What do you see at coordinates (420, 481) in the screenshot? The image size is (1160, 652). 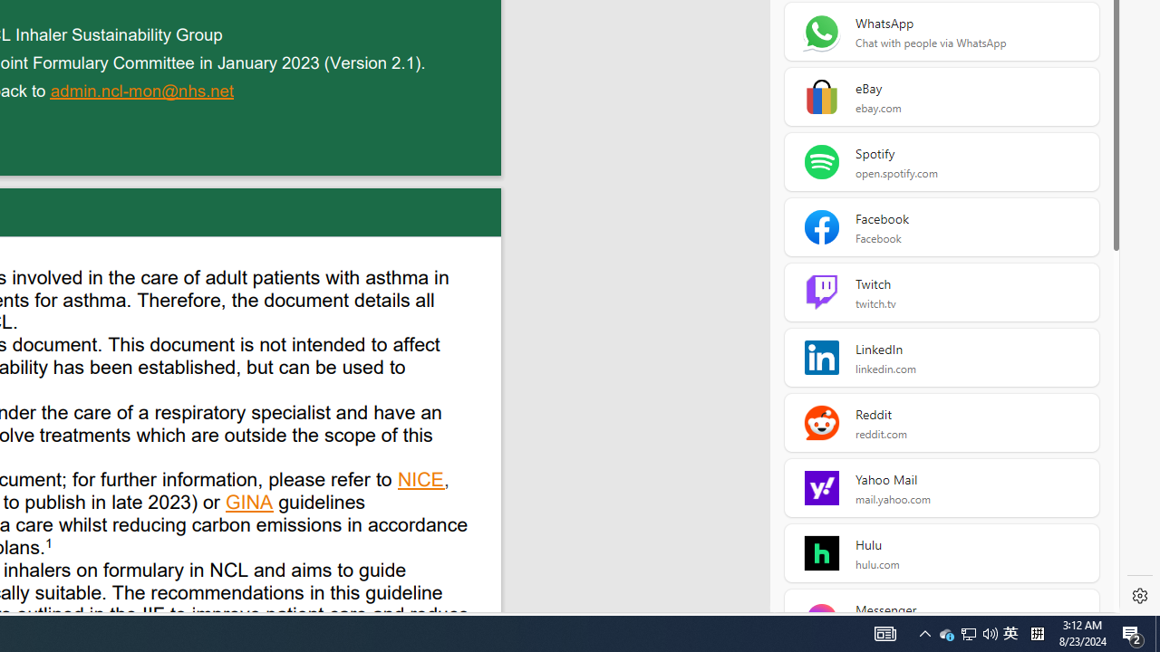 I see `'NICE'` at bounding box center [420, 481].